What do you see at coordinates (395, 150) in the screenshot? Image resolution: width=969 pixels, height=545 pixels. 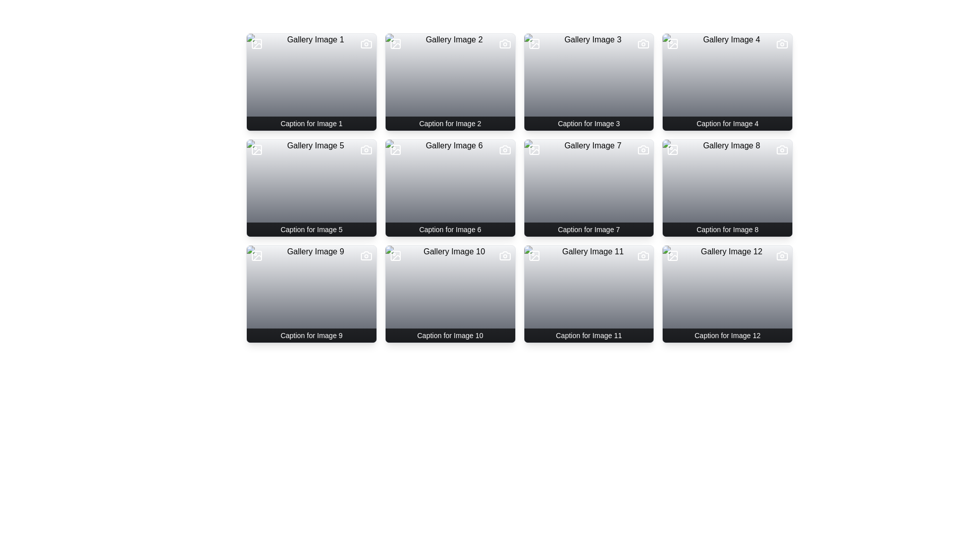 I see `the decorative rectangle that visually represents the image icon for 'Gallery Image 6' located in the second row, second column of the grid layout` at bounding box center [395, 150].